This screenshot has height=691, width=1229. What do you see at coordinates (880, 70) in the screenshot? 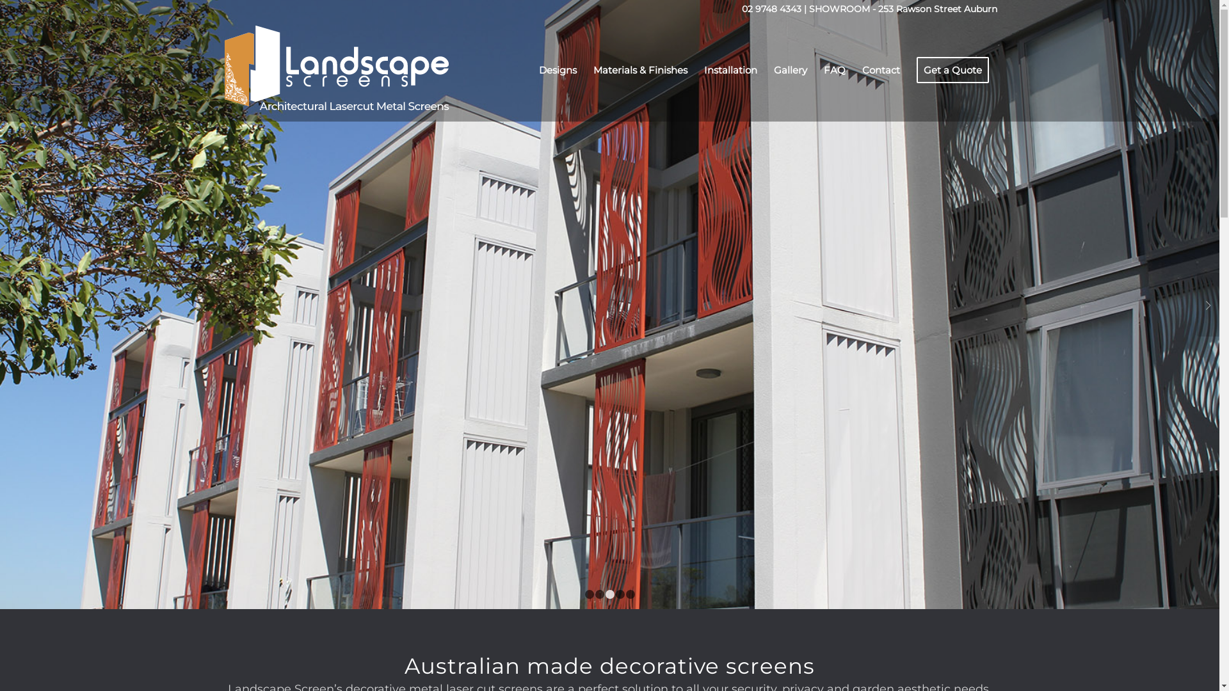
I see `'Contact'` at bounding box center [880, 70].